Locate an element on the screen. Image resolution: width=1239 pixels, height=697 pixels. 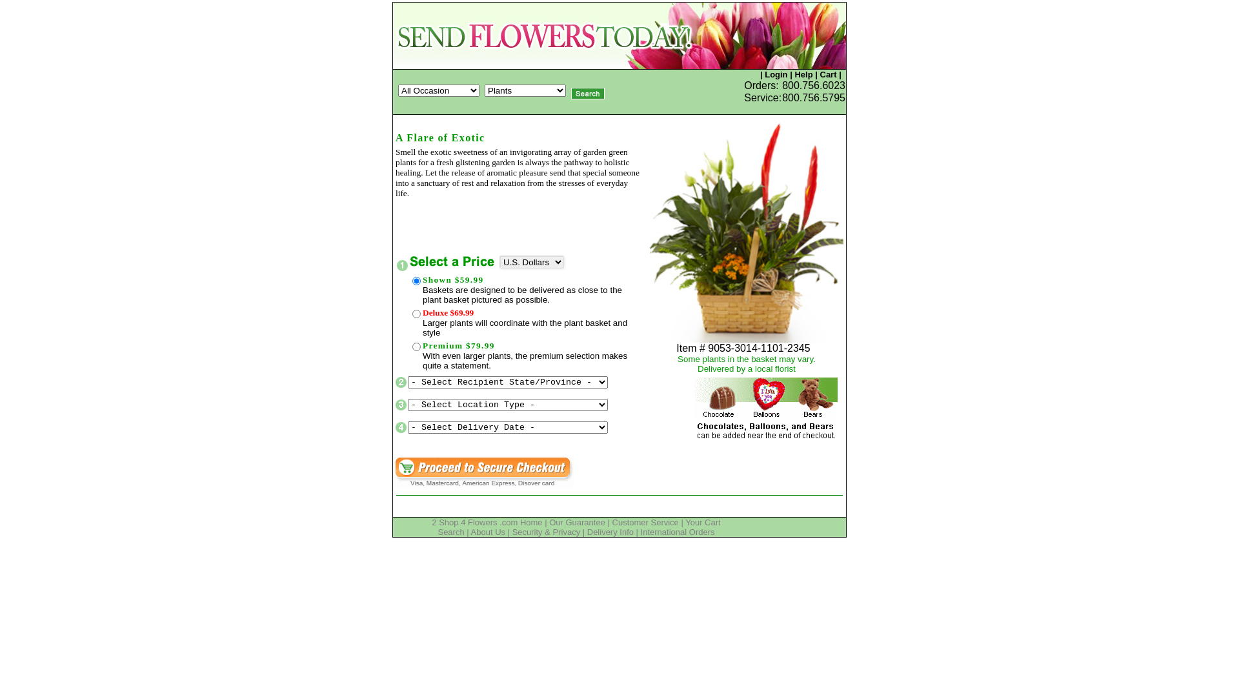
'Our Guarantee' is located at coordinates (576, 521).